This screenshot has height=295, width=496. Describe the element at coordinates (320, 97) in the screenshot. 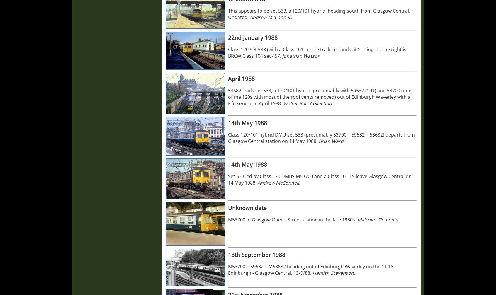

I see `'53682 leads set 533, a 120/101 hybrid, presumably with 59532 (101) and 53700 (one of the 120s with most of the roof vents removed) out of Edinburgh Waverley with a Fife service in April 1988.'` at that location.